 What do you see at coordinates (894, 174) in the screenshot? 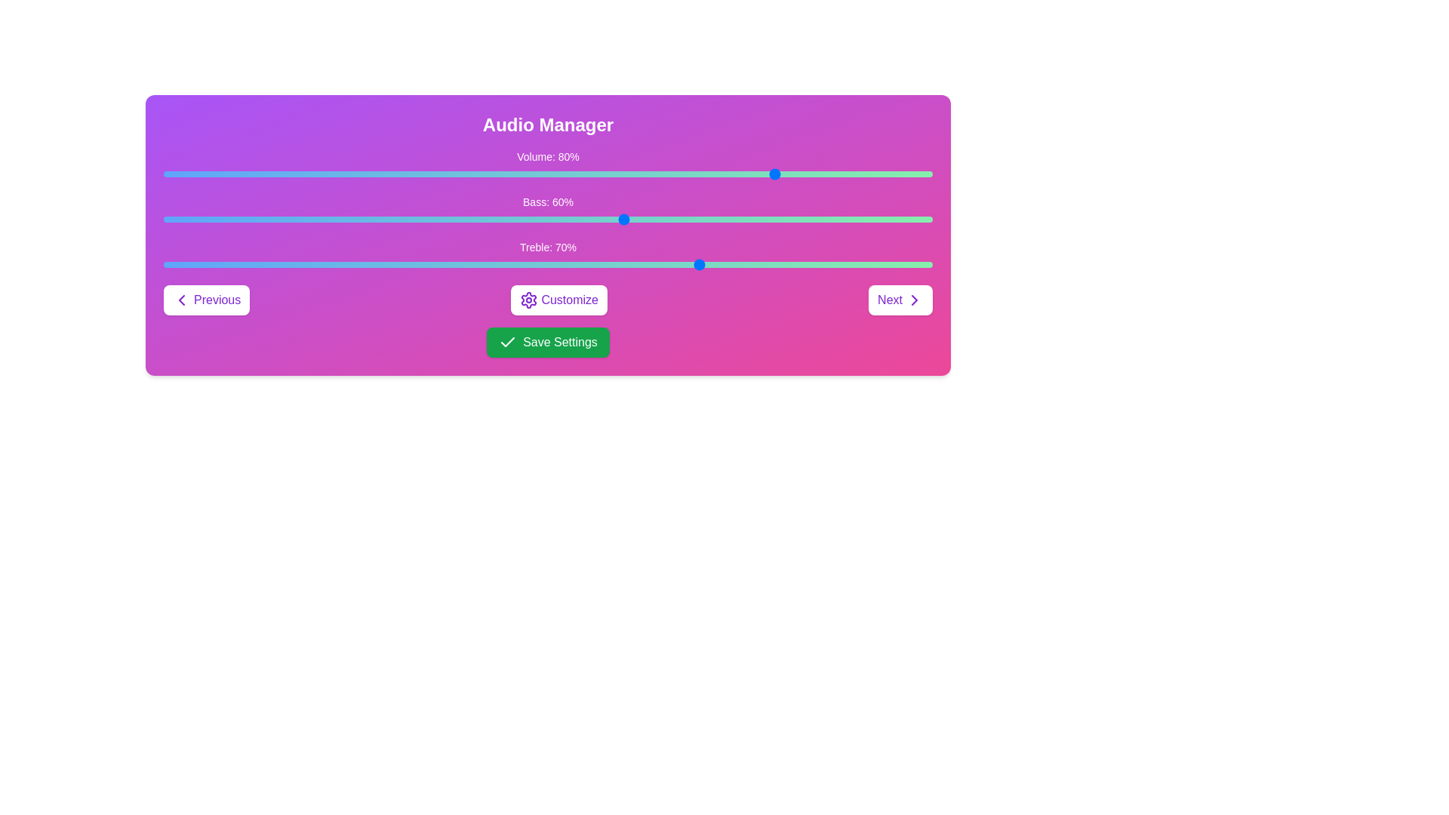
I see `the slider value` at bounding box center [894, 174].